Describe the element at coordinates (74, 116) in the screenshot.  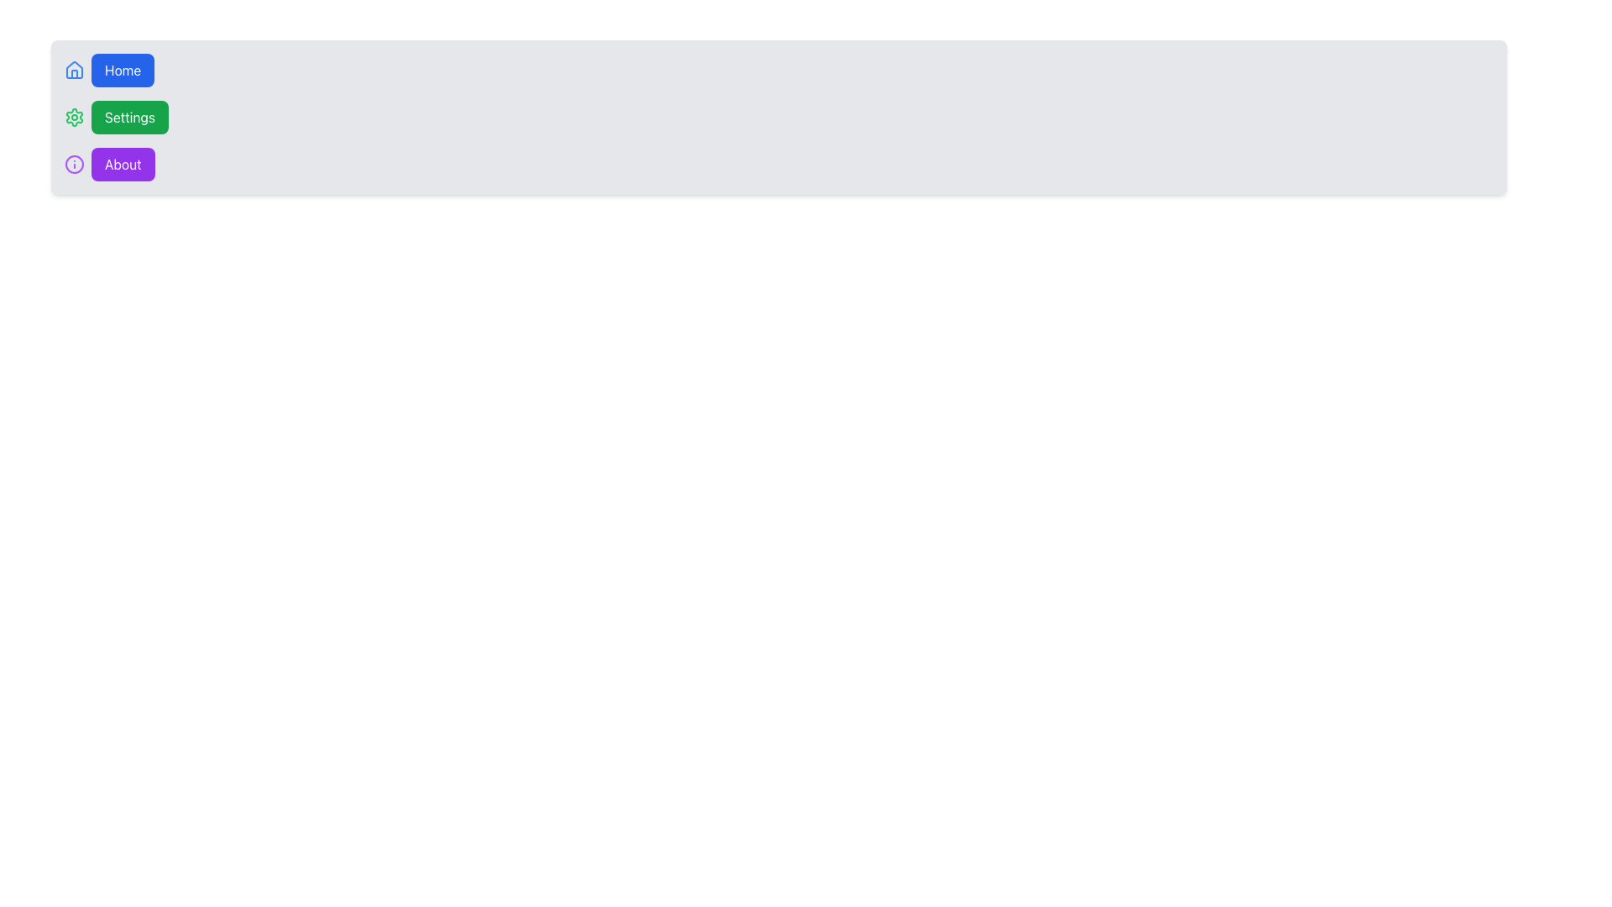
I see `the green gear-like icon in the vertical navigation bar` at that location.